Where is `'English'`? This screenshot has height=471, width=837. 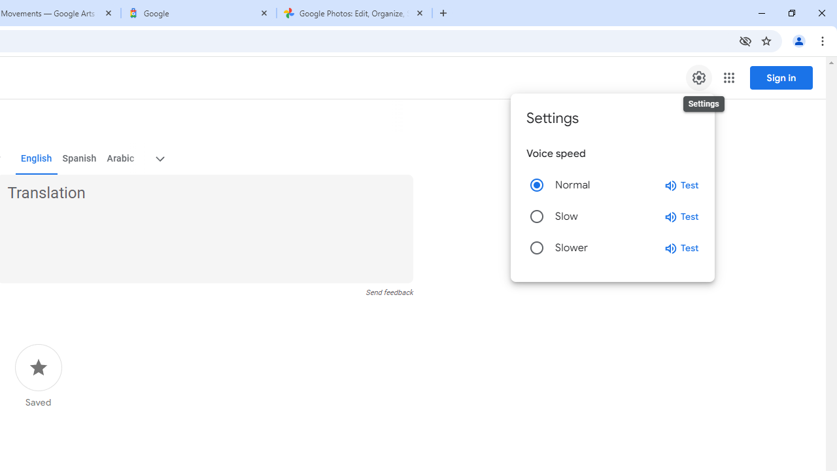
'English' is located at coordinates (36, 158).